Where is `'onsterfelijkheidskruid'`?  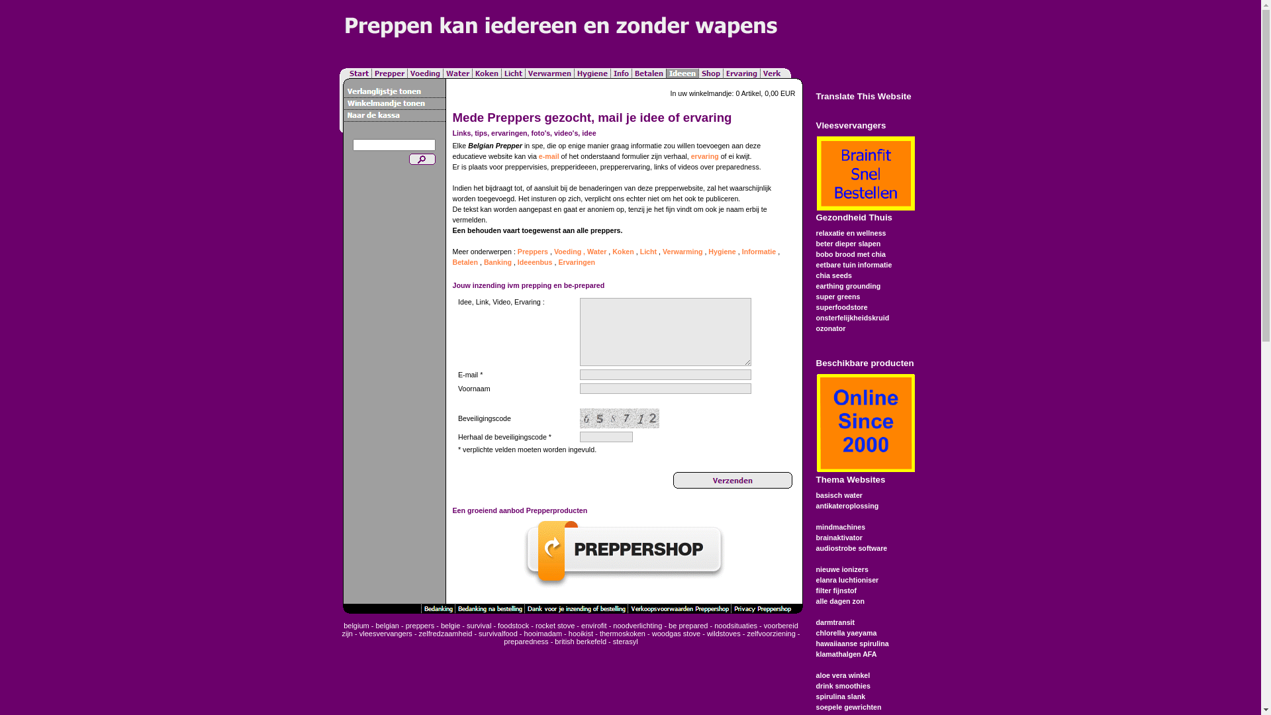
'onsterfelijkheidskruid' is located at coordinates (852, 317).